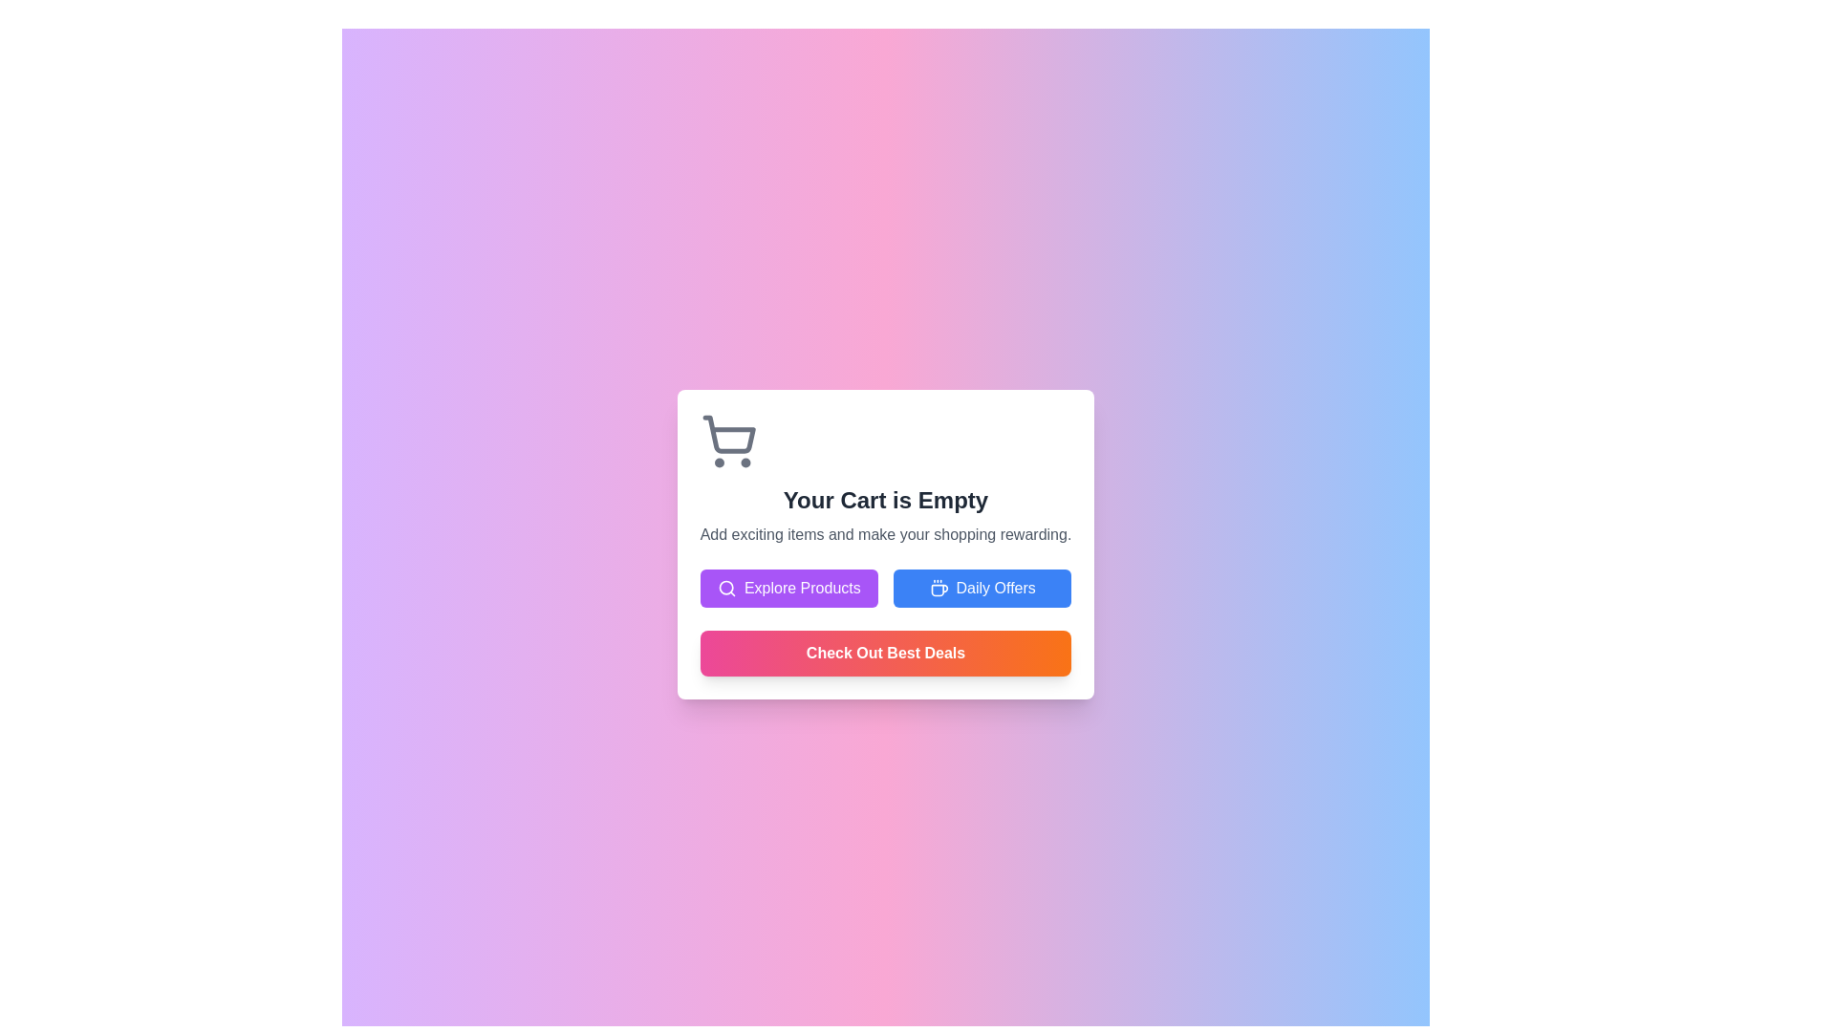 This screenshot has height=1032, width=1835. Describe the element at coordinates (982, 588) in the screenshot. I see `the 'Daily Offers' button, which is a blue button with white text and a coffee cup icon, to trigger visual feedback` at that location.